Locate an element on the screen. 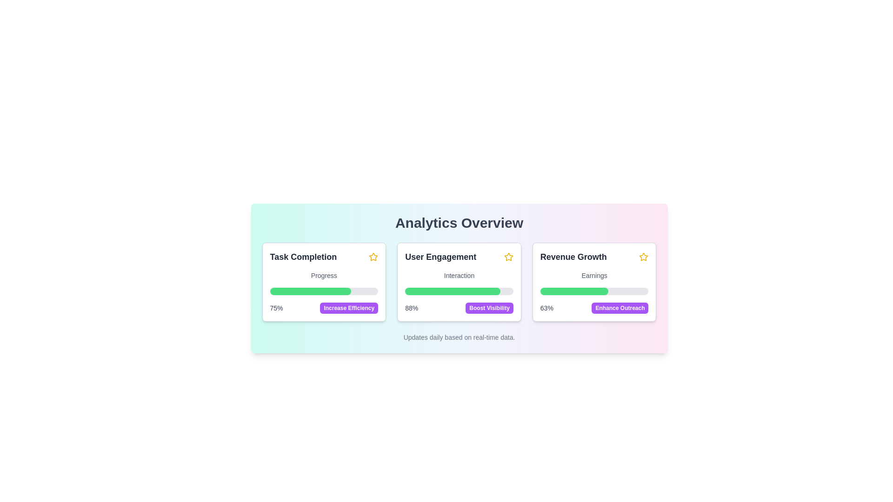 The image size is (893, 502). the prominent header labeled 'User Engagement' which is styled with a large, bold font and has a star icon to its right, located in the middle card of the three-card layout is located at coordinates (440, 257).